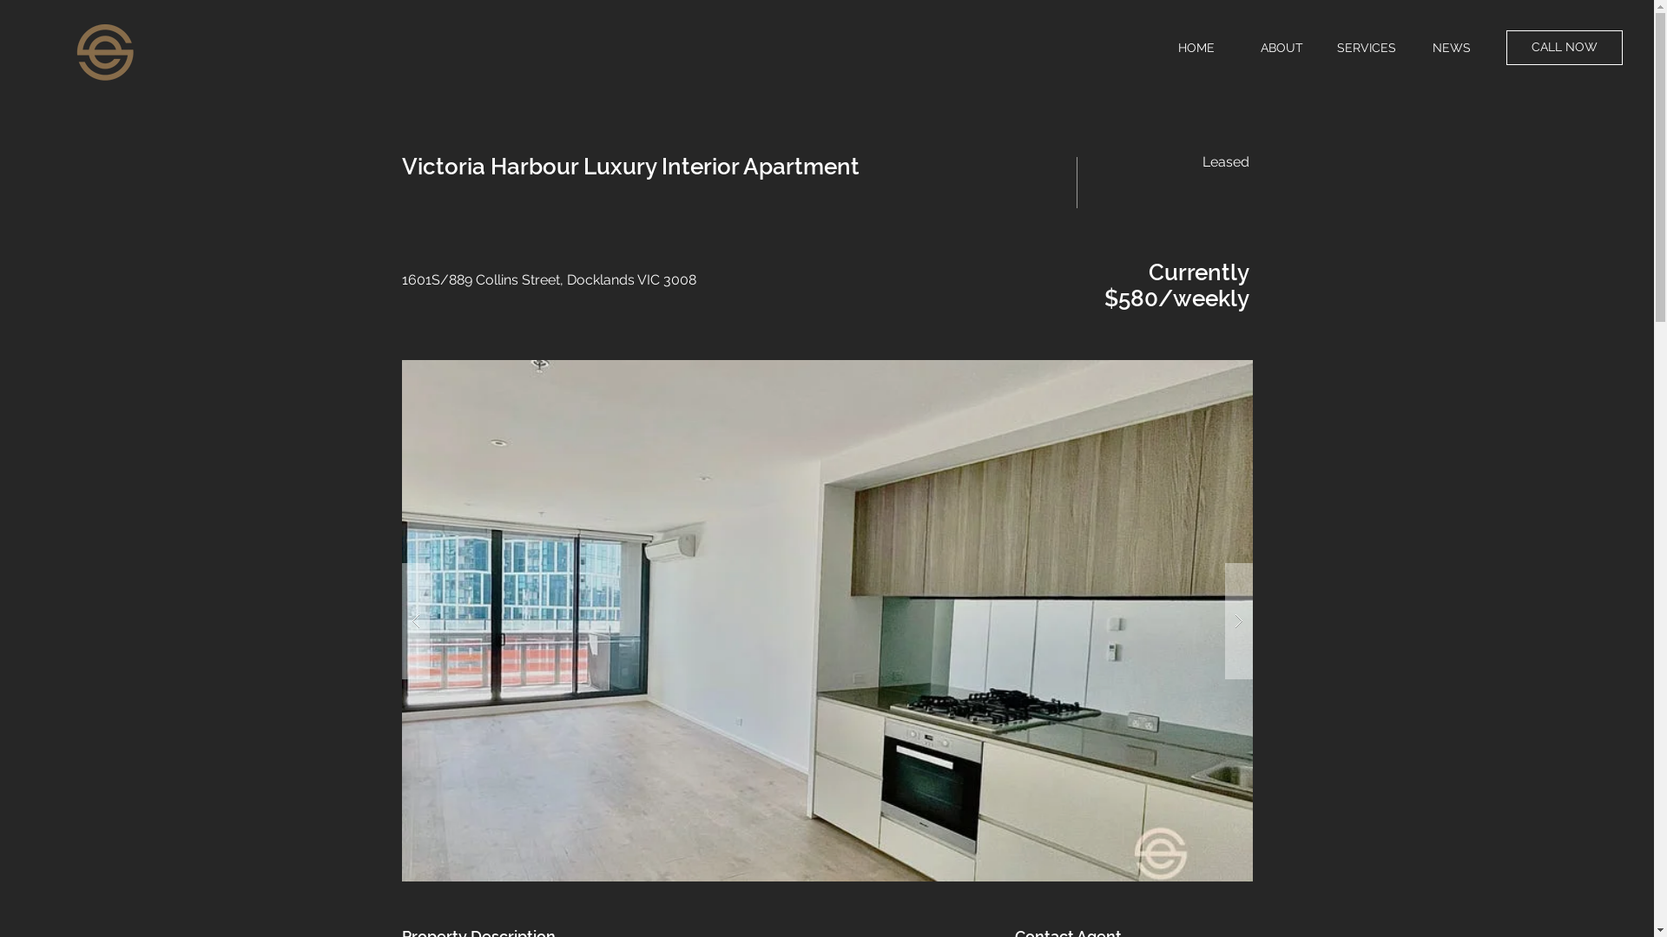 The width and height of the screenshot is (1667, 937). I want to click on 'HOME', so click(1195, 46).